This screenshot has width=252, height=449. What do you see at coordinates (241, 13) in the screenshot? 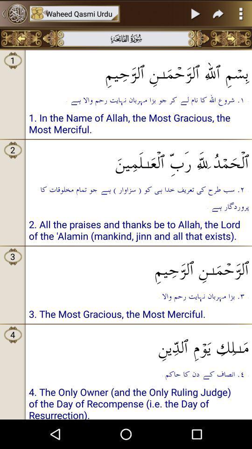
I see `open options menu` at bounding box center [241, 13].